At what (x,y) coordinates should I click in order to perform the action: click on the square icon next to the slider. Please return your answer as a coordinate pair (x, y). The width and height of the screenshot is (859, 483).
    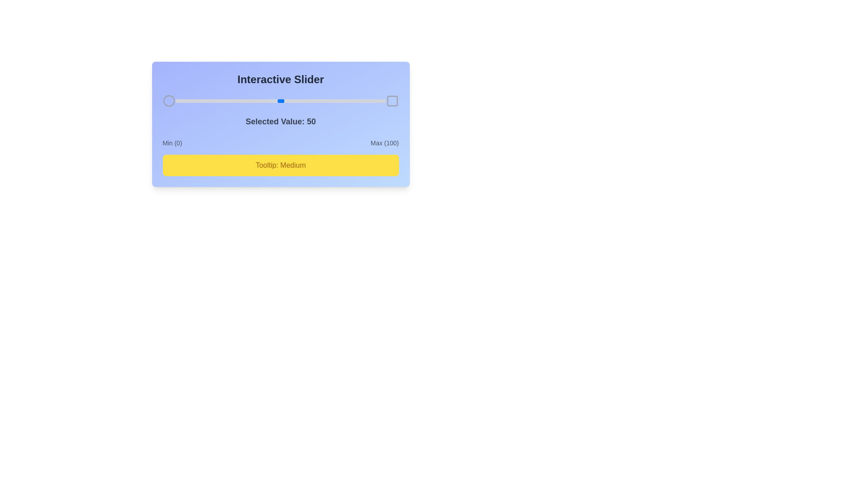
    Looking at the image, I should click on (392, 101).